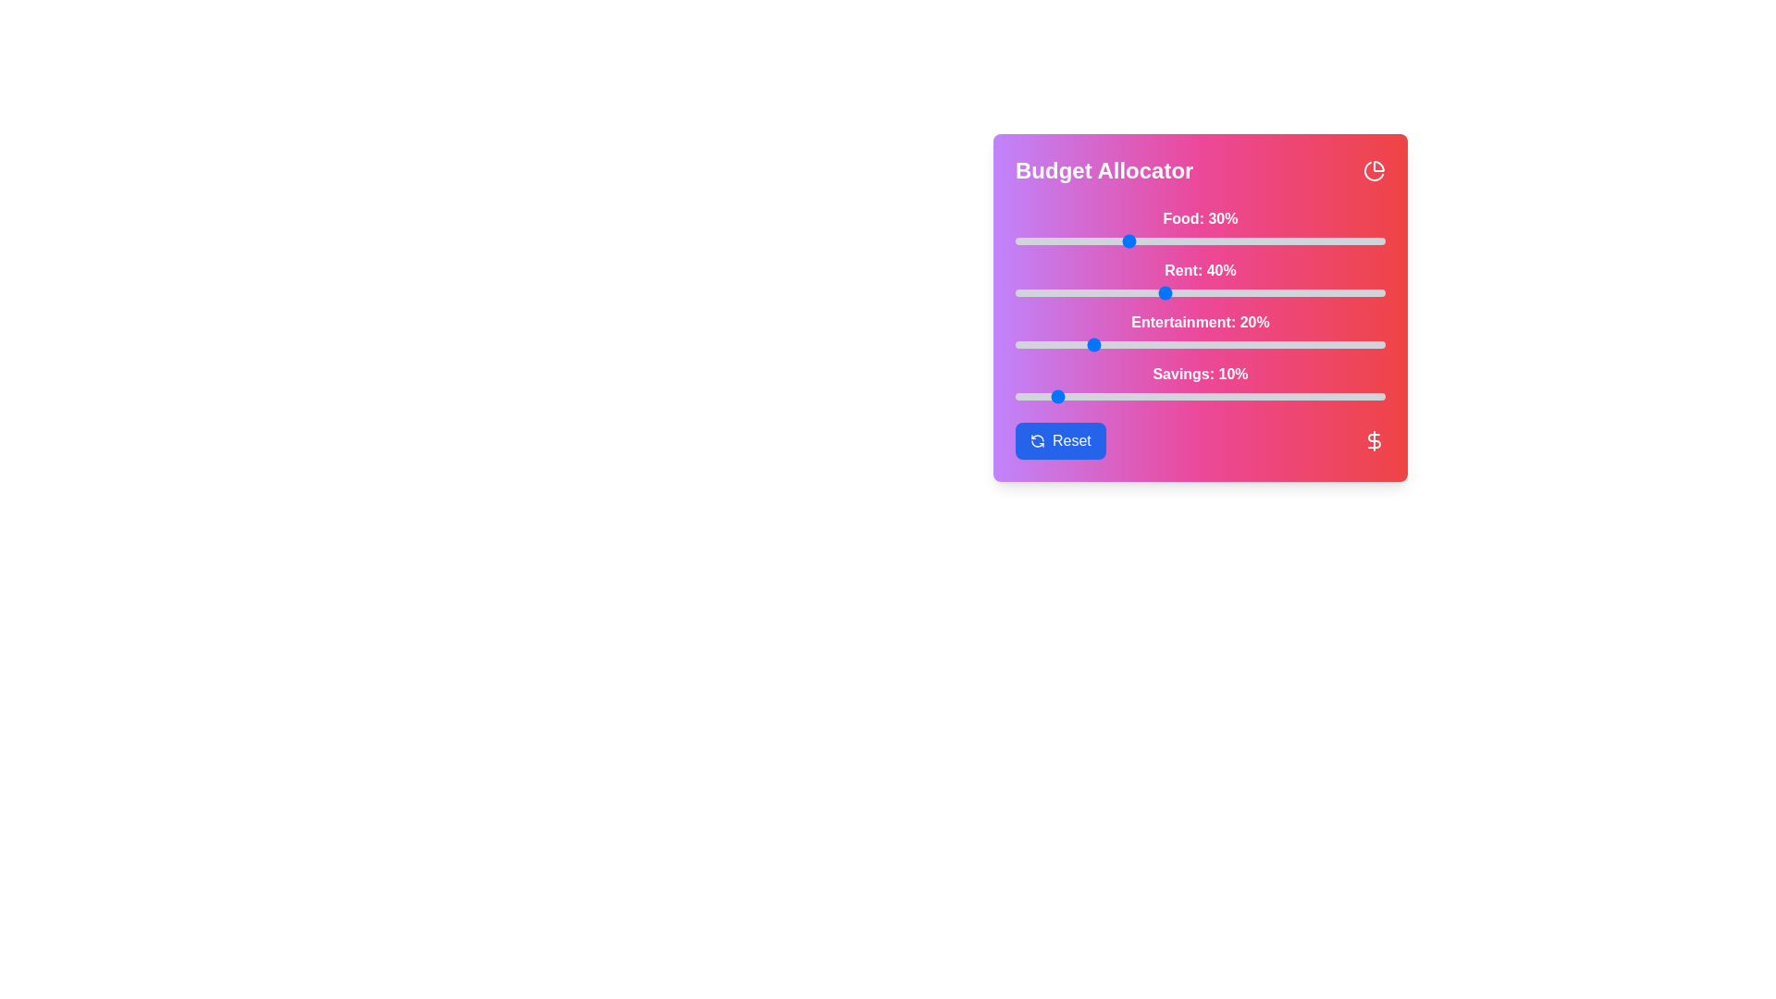 The image size is (1776, 999). What do you see at coordinates (1038, 395) in the screenshot?
I see `the savings percentage` at bounding box center [1038, 395].